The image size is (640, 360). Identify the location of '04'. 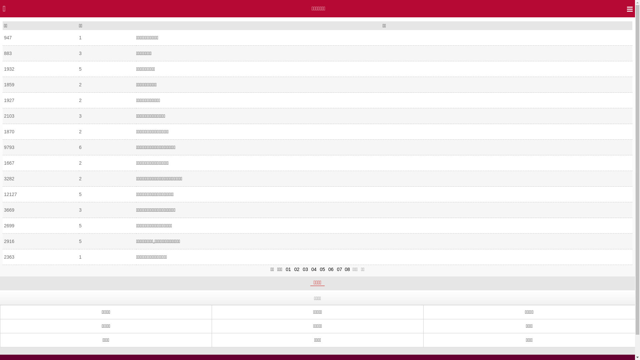
(313, 269).